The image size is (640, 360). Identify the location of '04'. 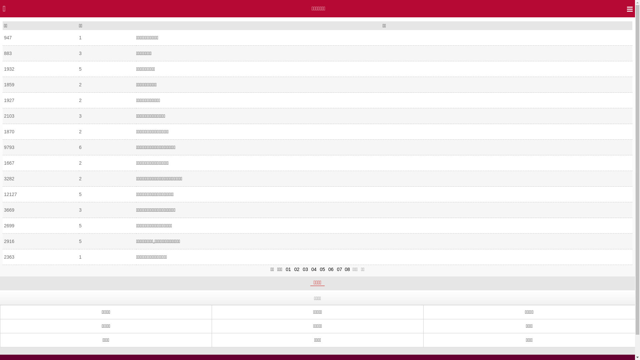
(313, 269).